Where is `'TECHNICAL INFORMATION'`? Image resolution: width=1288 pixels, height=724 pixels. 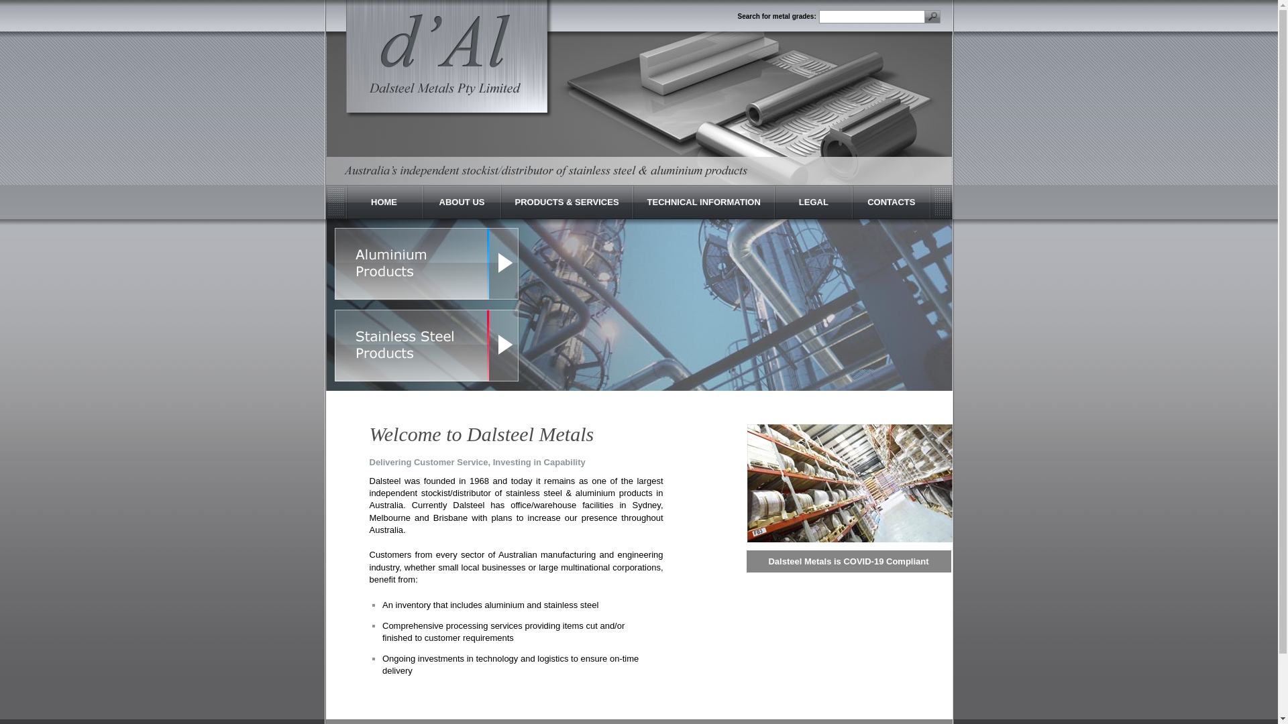
'TECHNICAL INFORMATION' is located at coordinates (704, 202).